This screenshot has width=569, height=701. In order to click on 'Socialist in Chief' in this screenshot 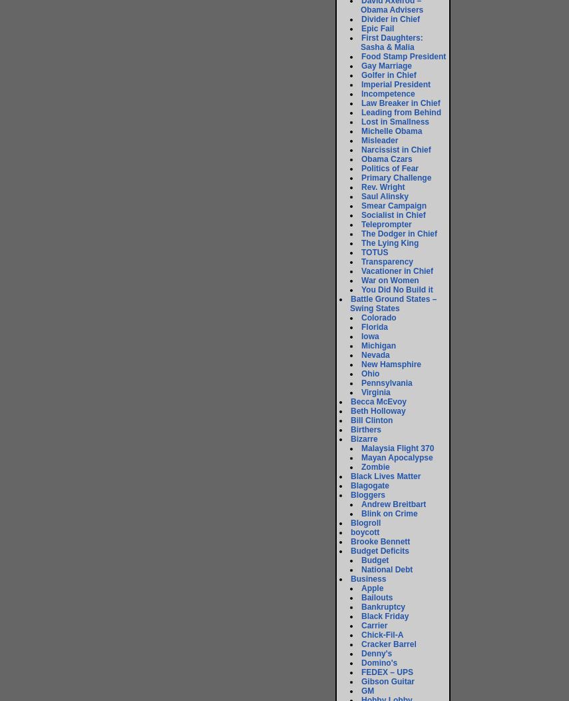, I will do `click(392, 214)`.